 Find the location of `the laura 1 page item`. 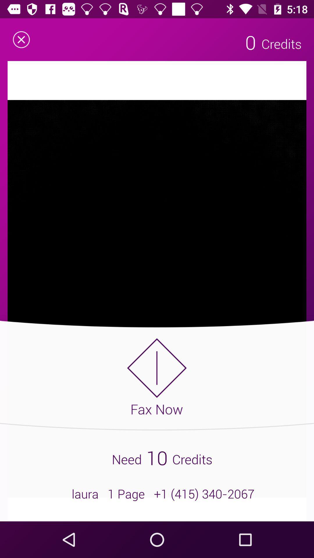

the laura 1 page item is located at coordinates (157, 493).